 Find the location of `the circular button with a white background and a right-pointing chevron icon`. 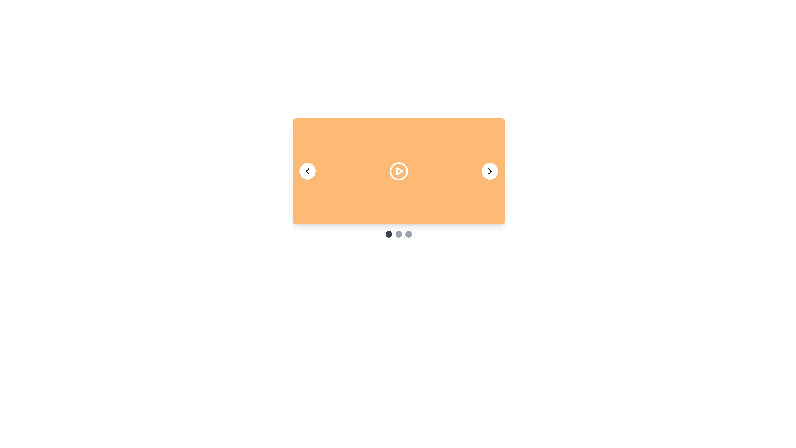

the circular button with a white background and a right-pointing chevron icon is located at coordinates (490, 170).